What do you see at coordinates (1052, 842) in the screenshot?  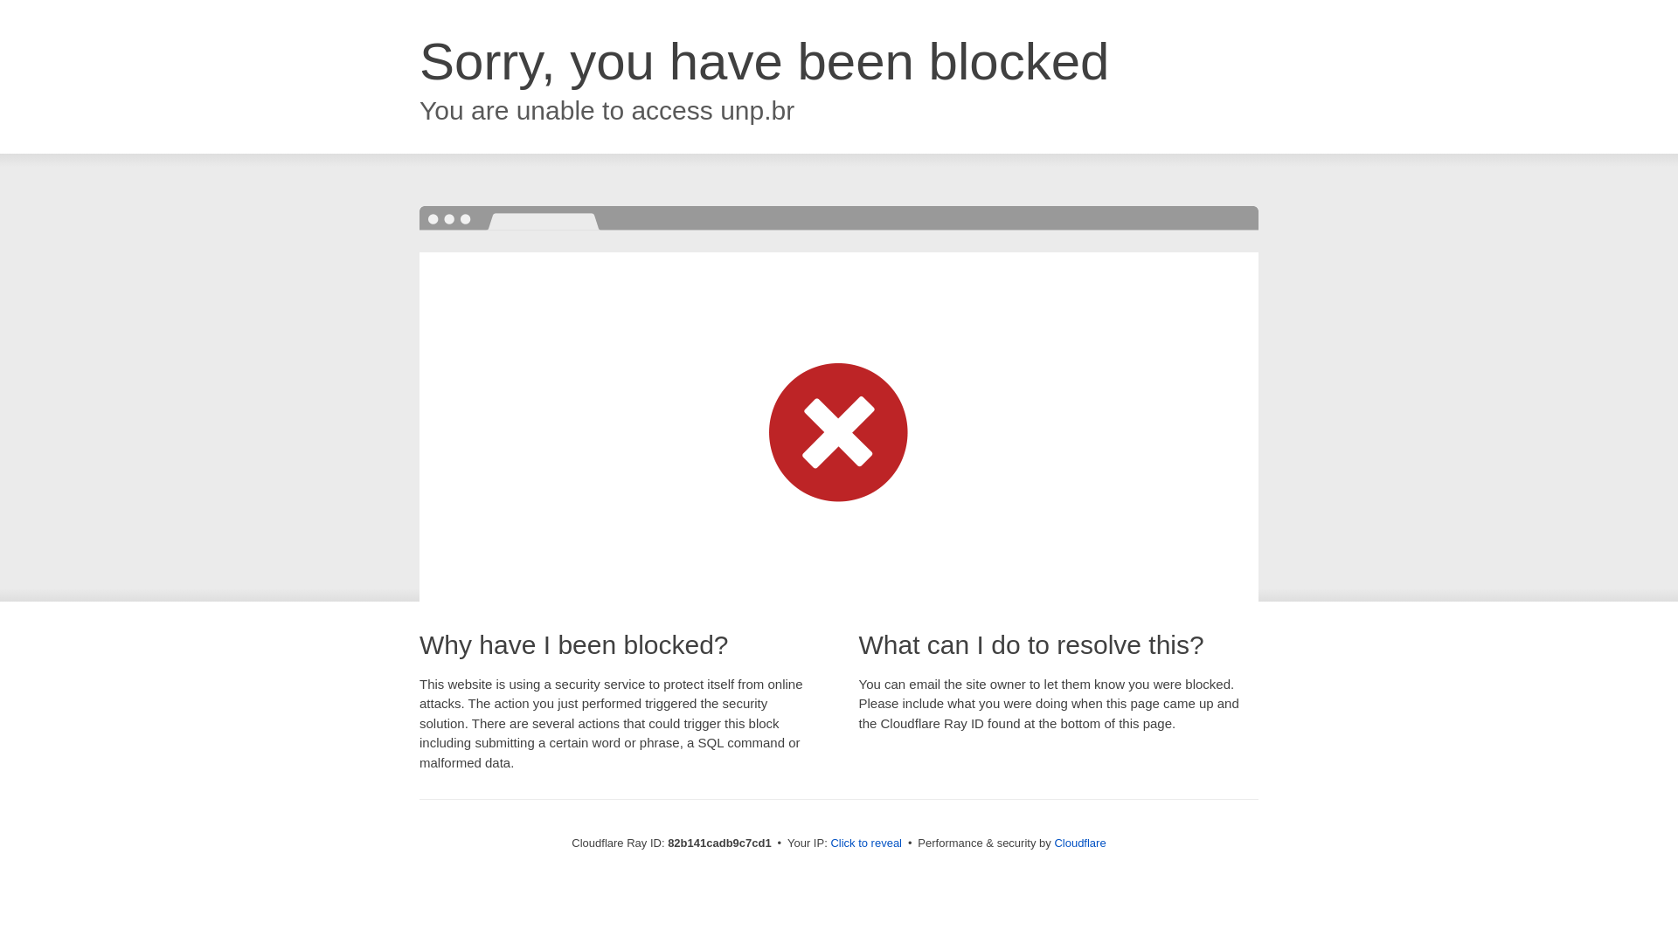 I see `'Cloudflare'` at bounding box center [1052, 842].